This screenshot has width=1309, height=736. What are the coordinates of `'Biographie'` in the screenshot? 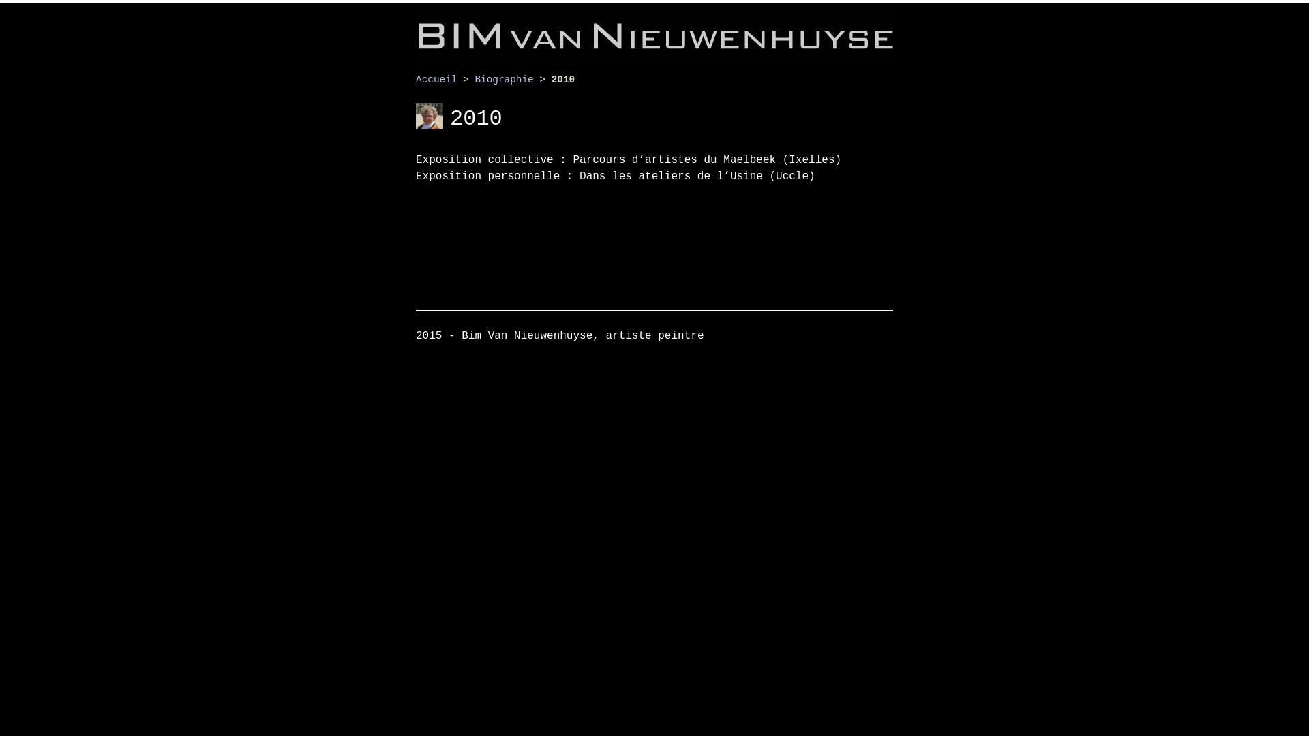 It's located at (503, 79).